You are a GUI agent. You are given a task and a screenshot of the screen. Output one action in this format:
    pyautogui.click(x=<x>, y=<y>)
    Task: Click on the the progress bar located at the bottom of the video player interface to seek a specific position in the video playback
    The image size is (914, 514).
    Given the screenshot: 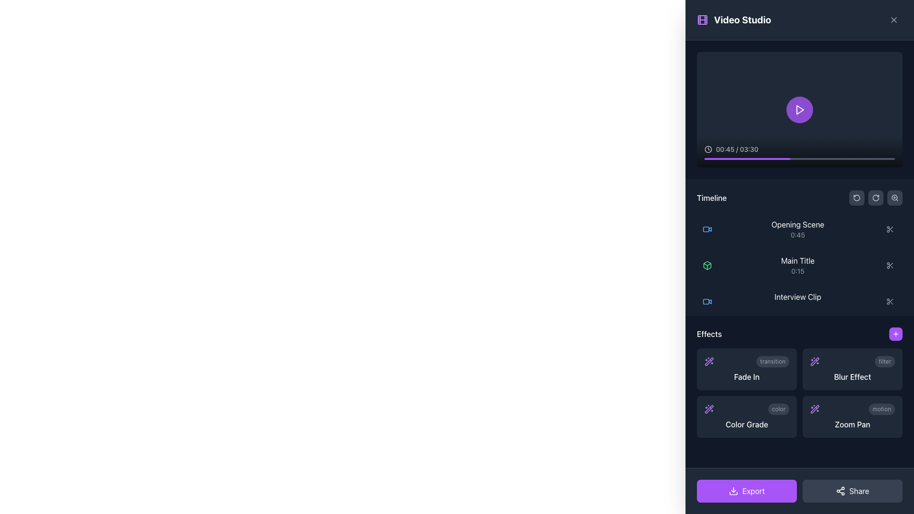 What is the action you would take?
    pyautogui.click(x=800, y=158)
    